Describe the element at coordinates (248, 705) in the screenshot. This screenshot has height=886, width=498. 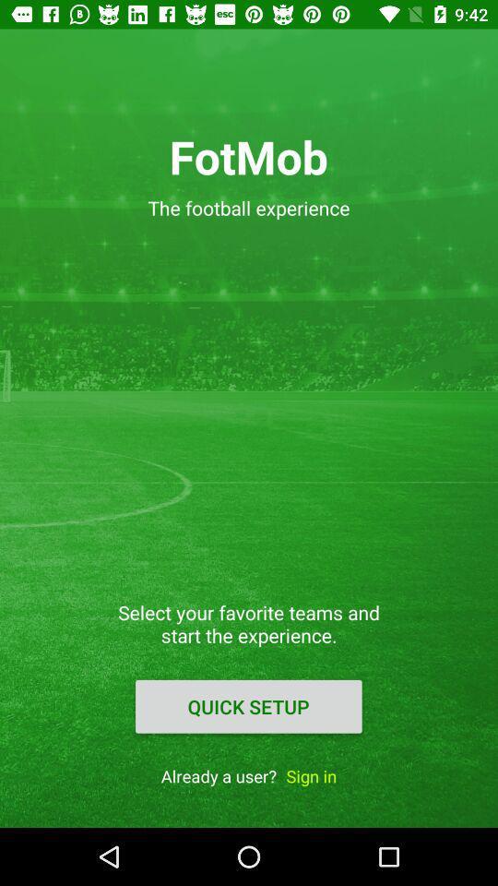
I see `item below the select your favorite` at that location.